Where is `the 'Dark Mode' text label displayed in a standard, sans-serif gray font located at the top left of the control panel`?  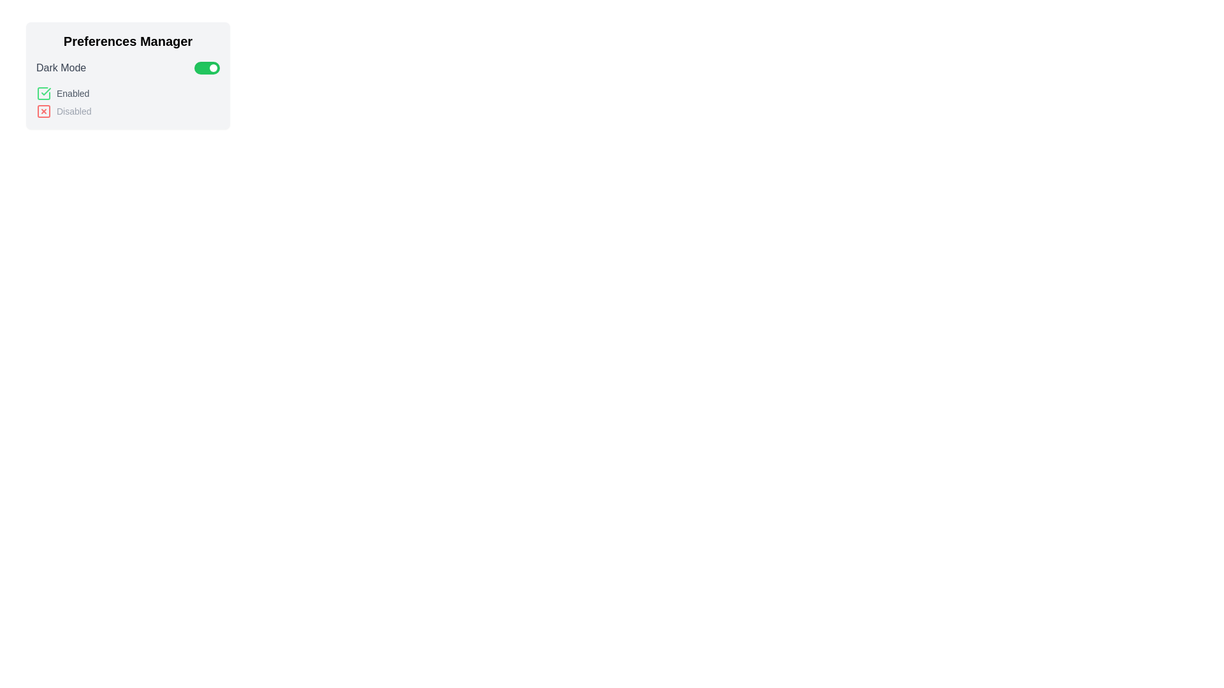
the 'Dark Mode' text label displayed in a standard, sans-serif gray font located at the top left of the control panel is located at coordinates (61, 68).